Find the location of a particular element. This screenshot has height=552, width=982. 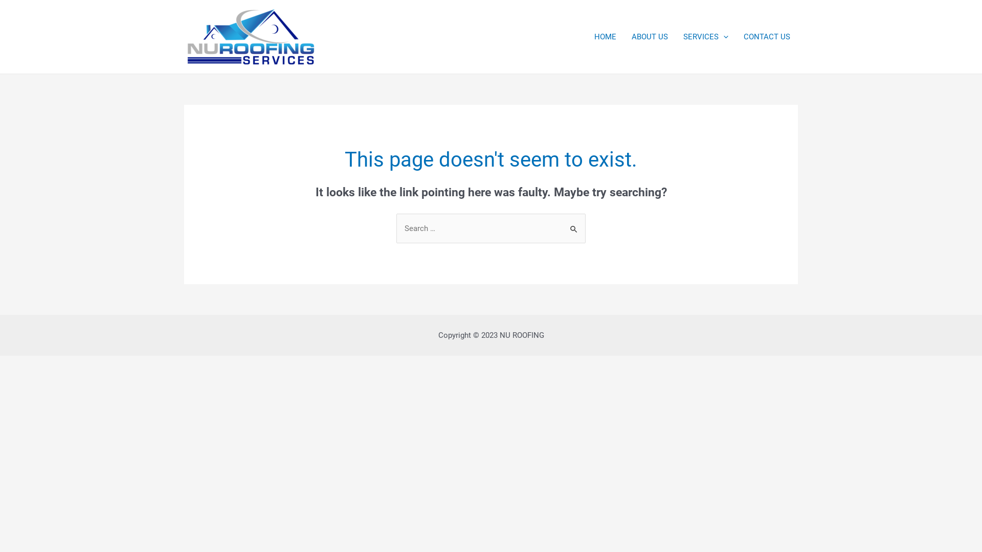

'ABOUT US' is located at coordinates (649, 36).